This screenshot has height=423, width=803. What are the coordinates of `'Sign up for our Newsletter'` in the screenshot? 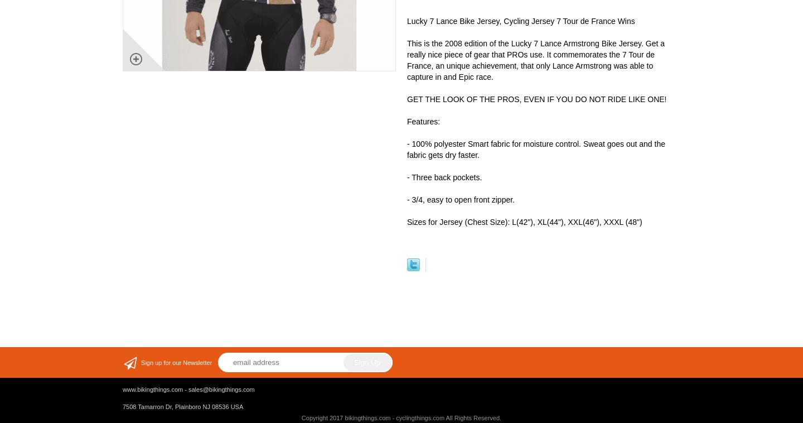 It's located at (176, 362).